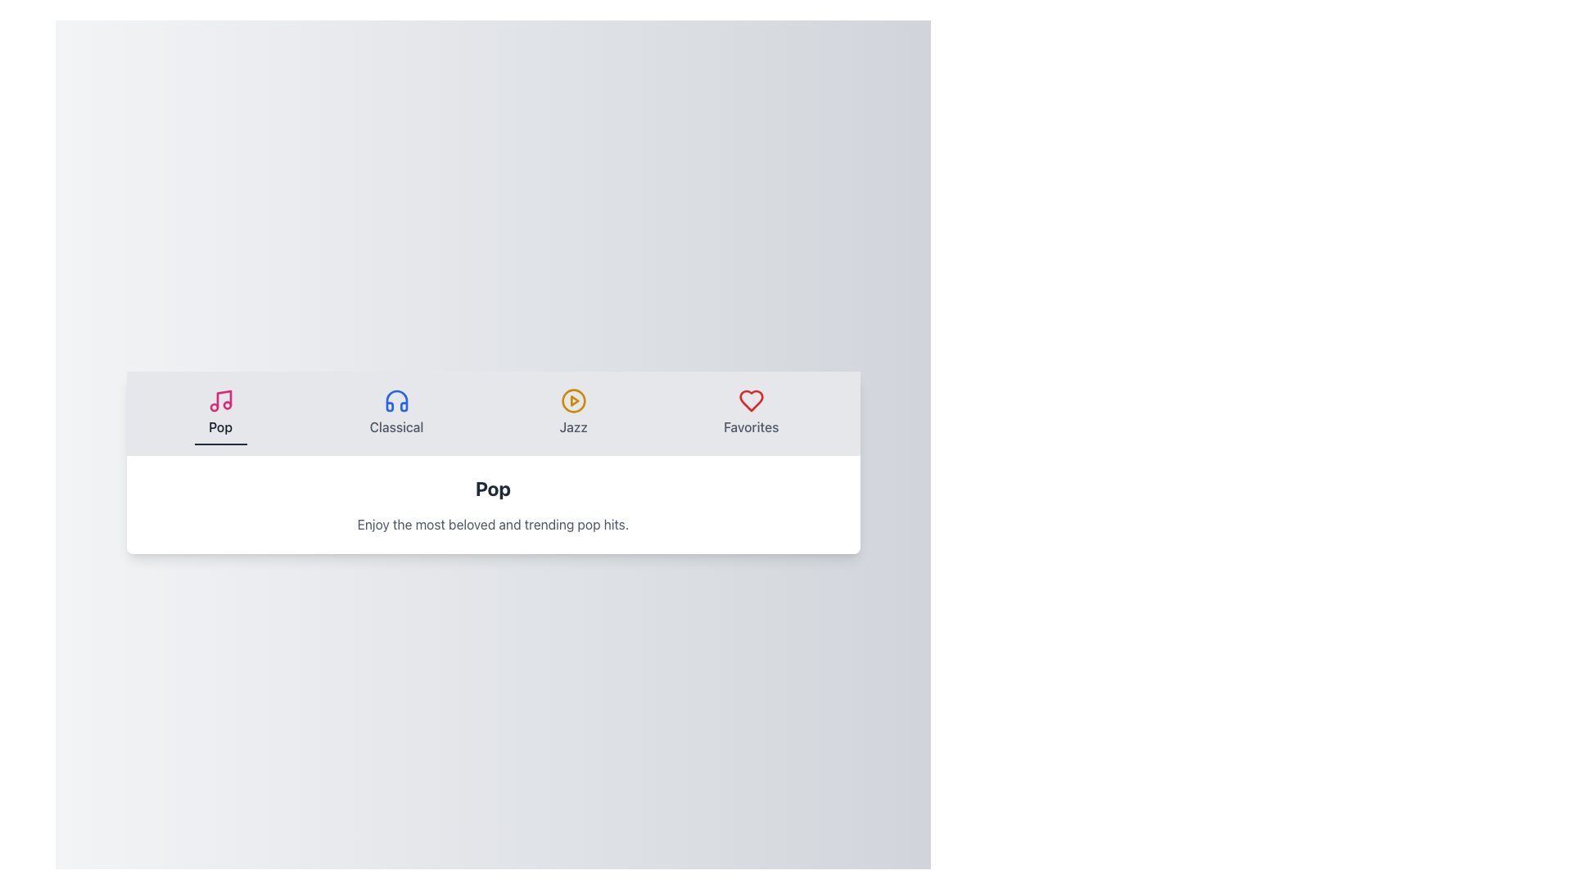  I want to click on on the blue headphones icon located between the pink music note icon labeled 'Pop' and the yellow play-button icon labeled 'Jazz', so click(396, 400).